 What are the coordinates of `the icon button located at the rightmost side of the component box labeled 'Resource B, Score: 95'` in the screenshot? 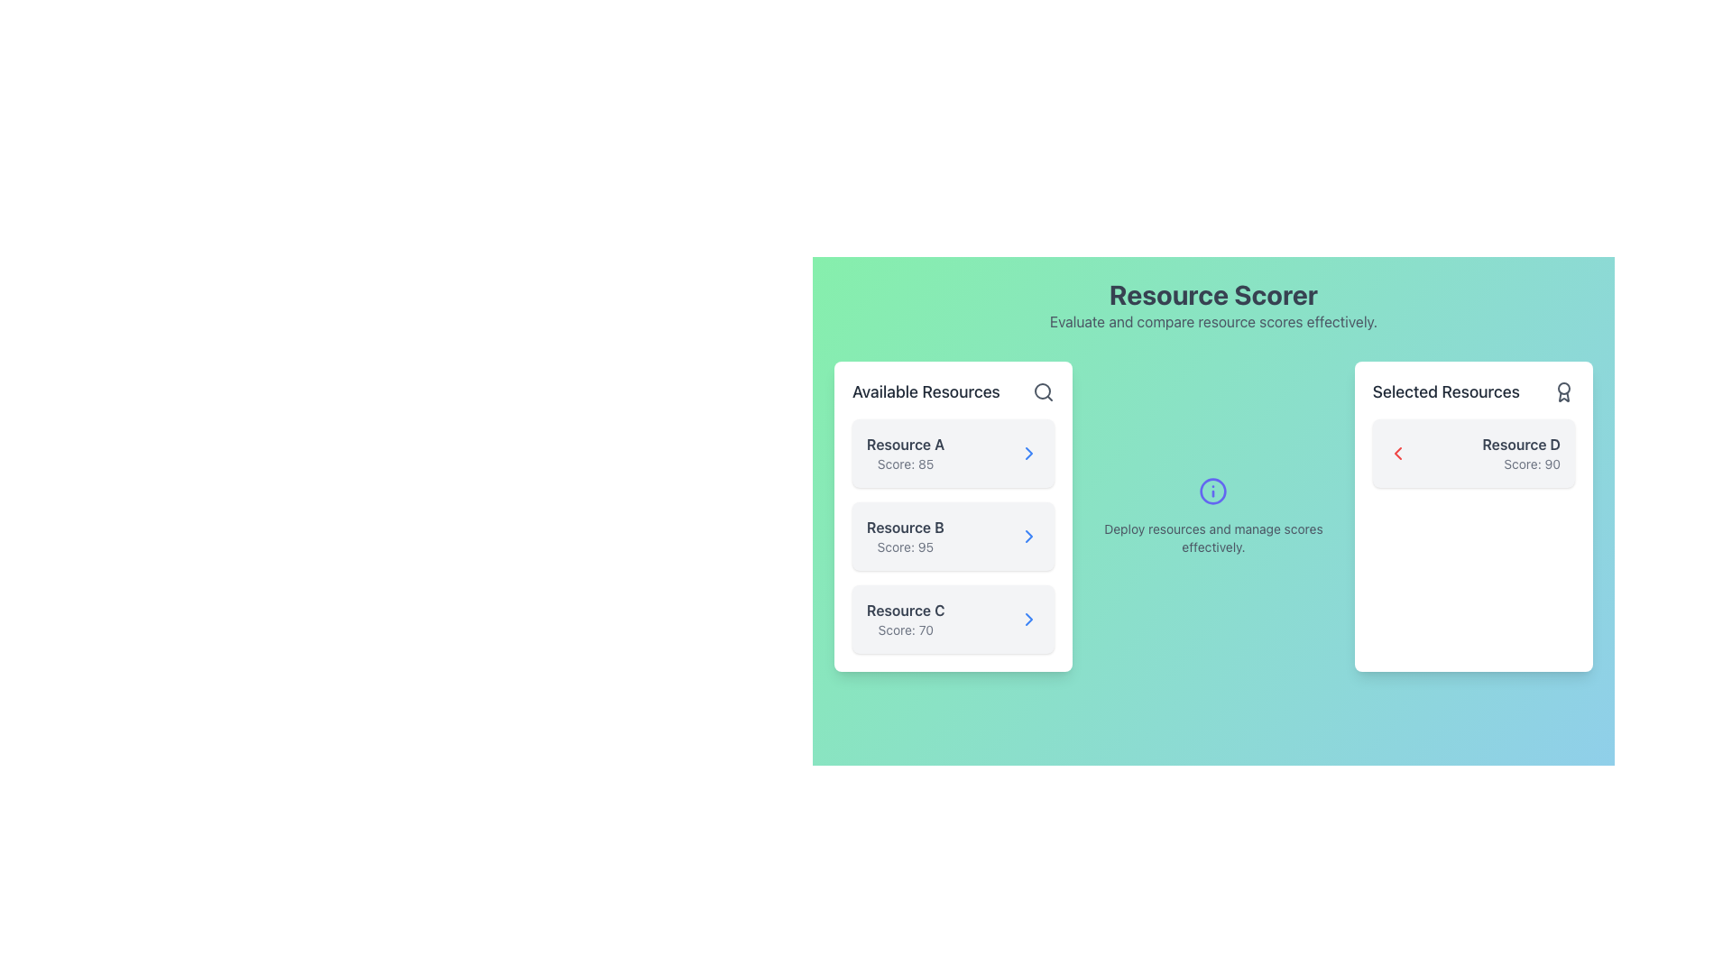 It's located at (1029, 535).